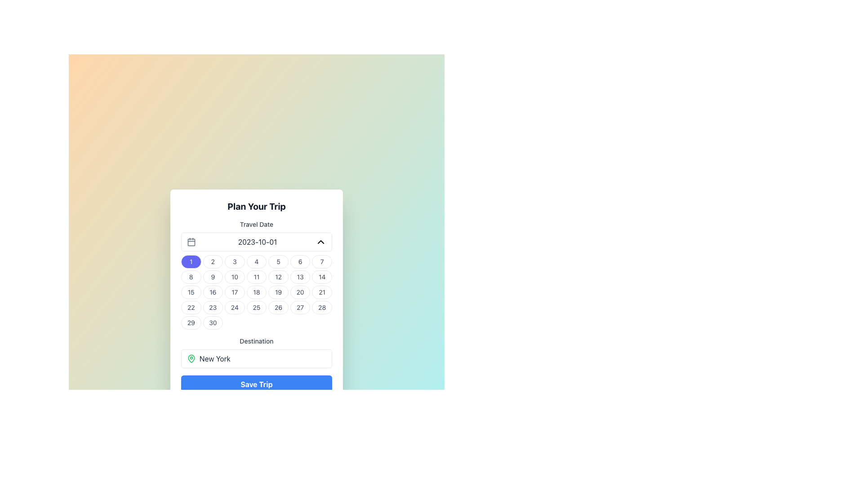 This screenshot has width=863, height=485. What do you see at coordinates (235, 277) in the screenshot?
I see `the circular button with the number '10' which is the third item in the second row of a grid layout, located beneath the 'Travel Date' text input field` at bounding box center [235, 277].